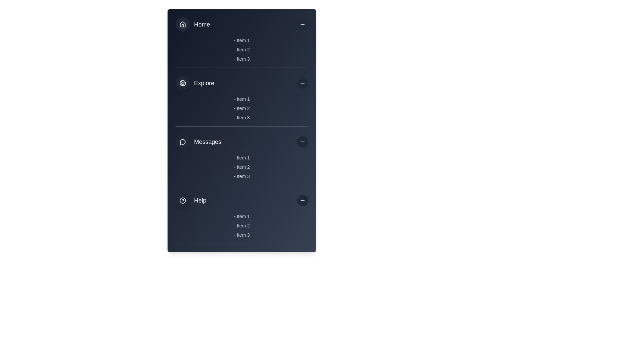  I want to click on an item in the 'Help' section list, so click(242, 225).